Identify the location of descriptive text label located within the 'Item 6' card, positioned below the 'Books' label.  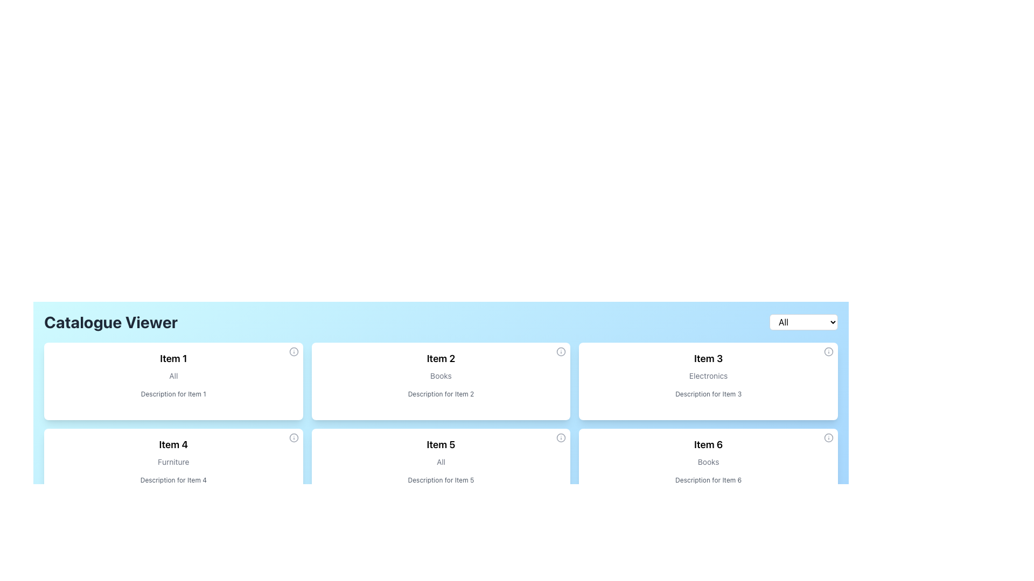
(708, 480).